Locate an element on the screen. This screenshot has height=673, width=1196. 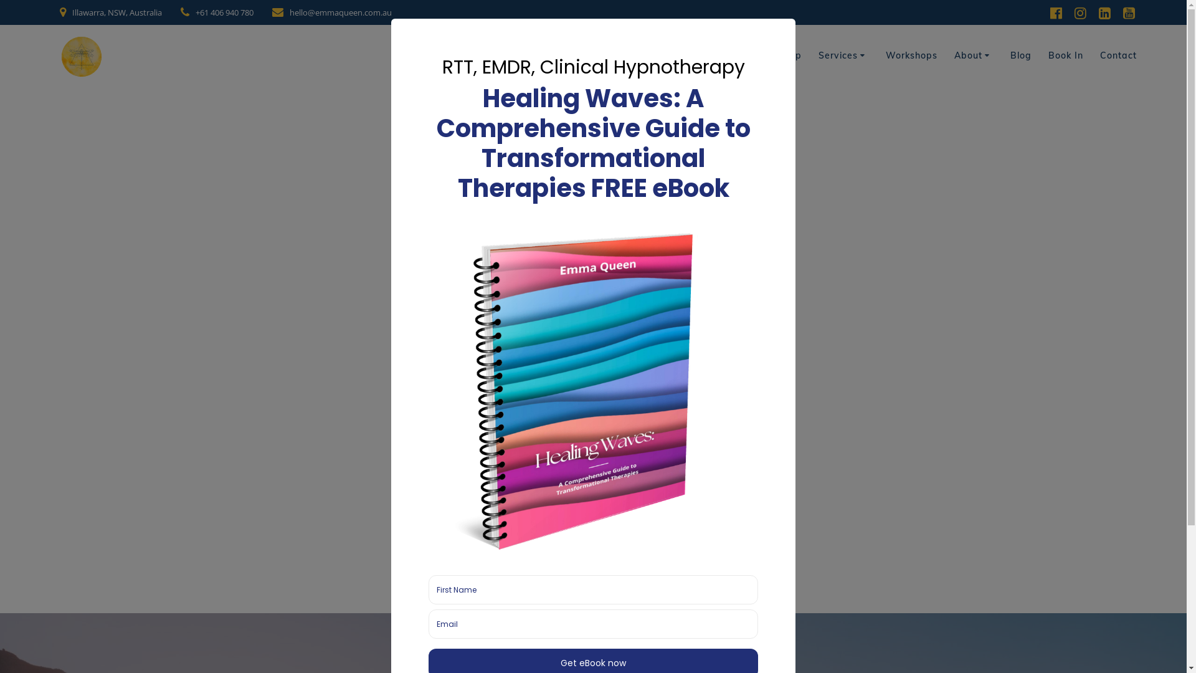
'About' is located at coordinates (953, 56).